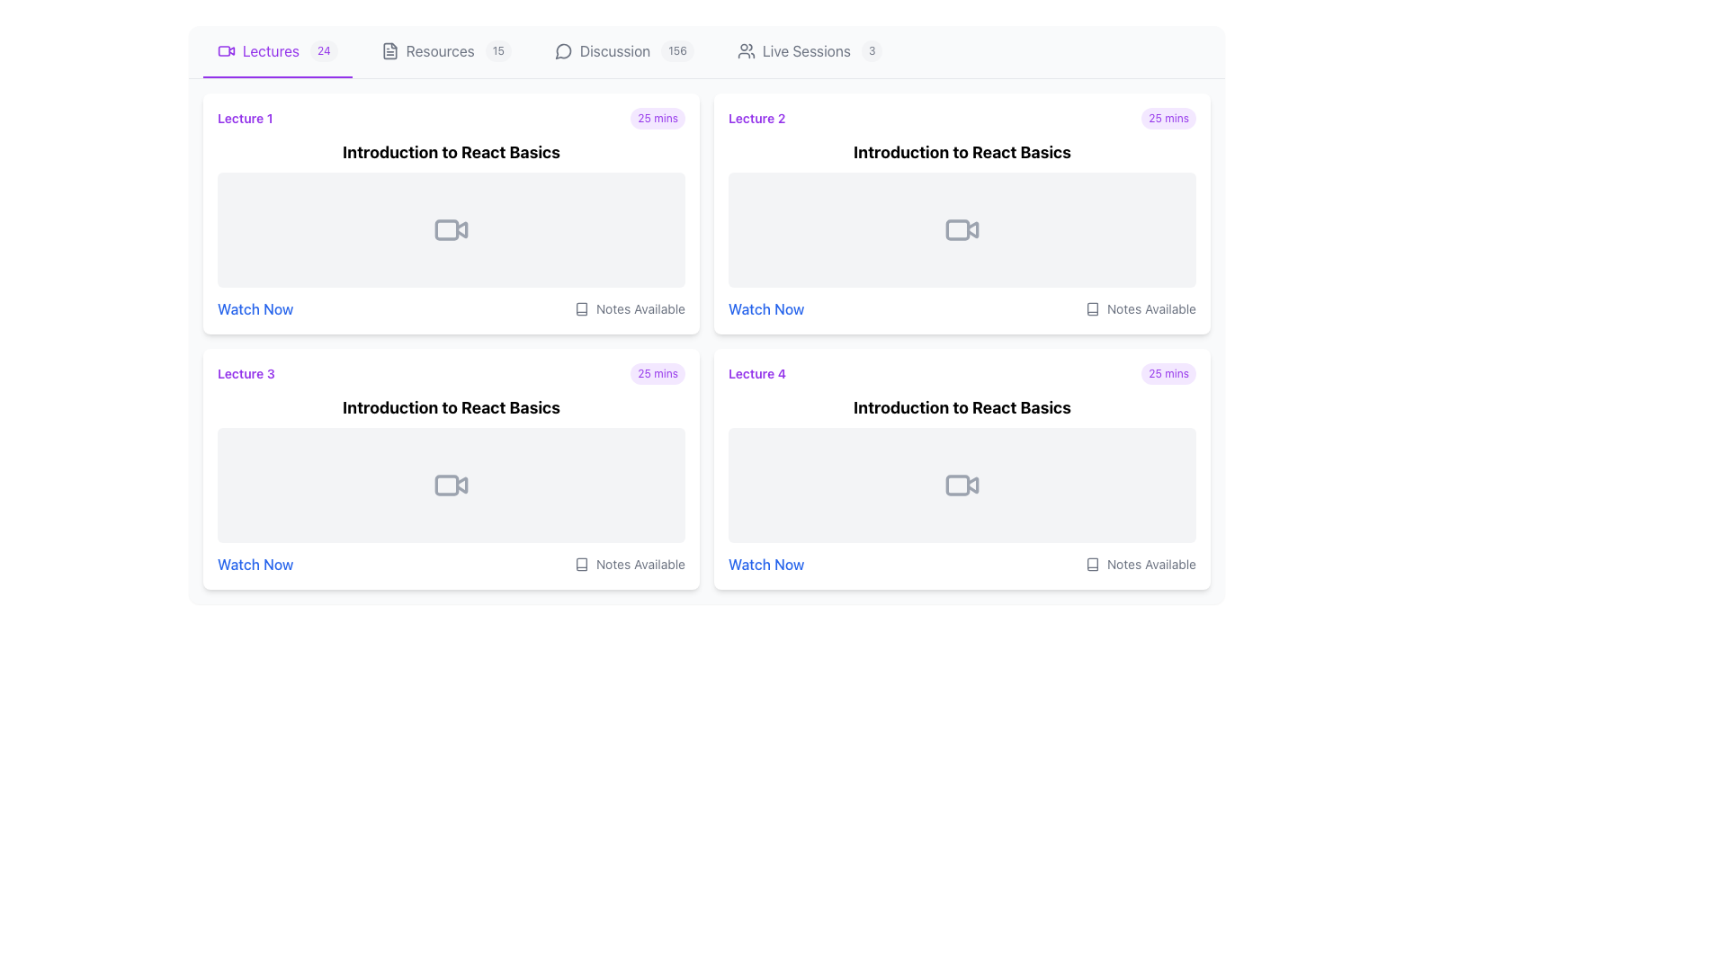 Image resolution: width=1727 pixels, height=971 pixels. What do you see at coordinates (452, 408) in the screenshot?
I see `the text label displaying 'Introduction to React Basics', which is part of the lecture cards grid in the second row, first column` at bounding box center [452, 408].